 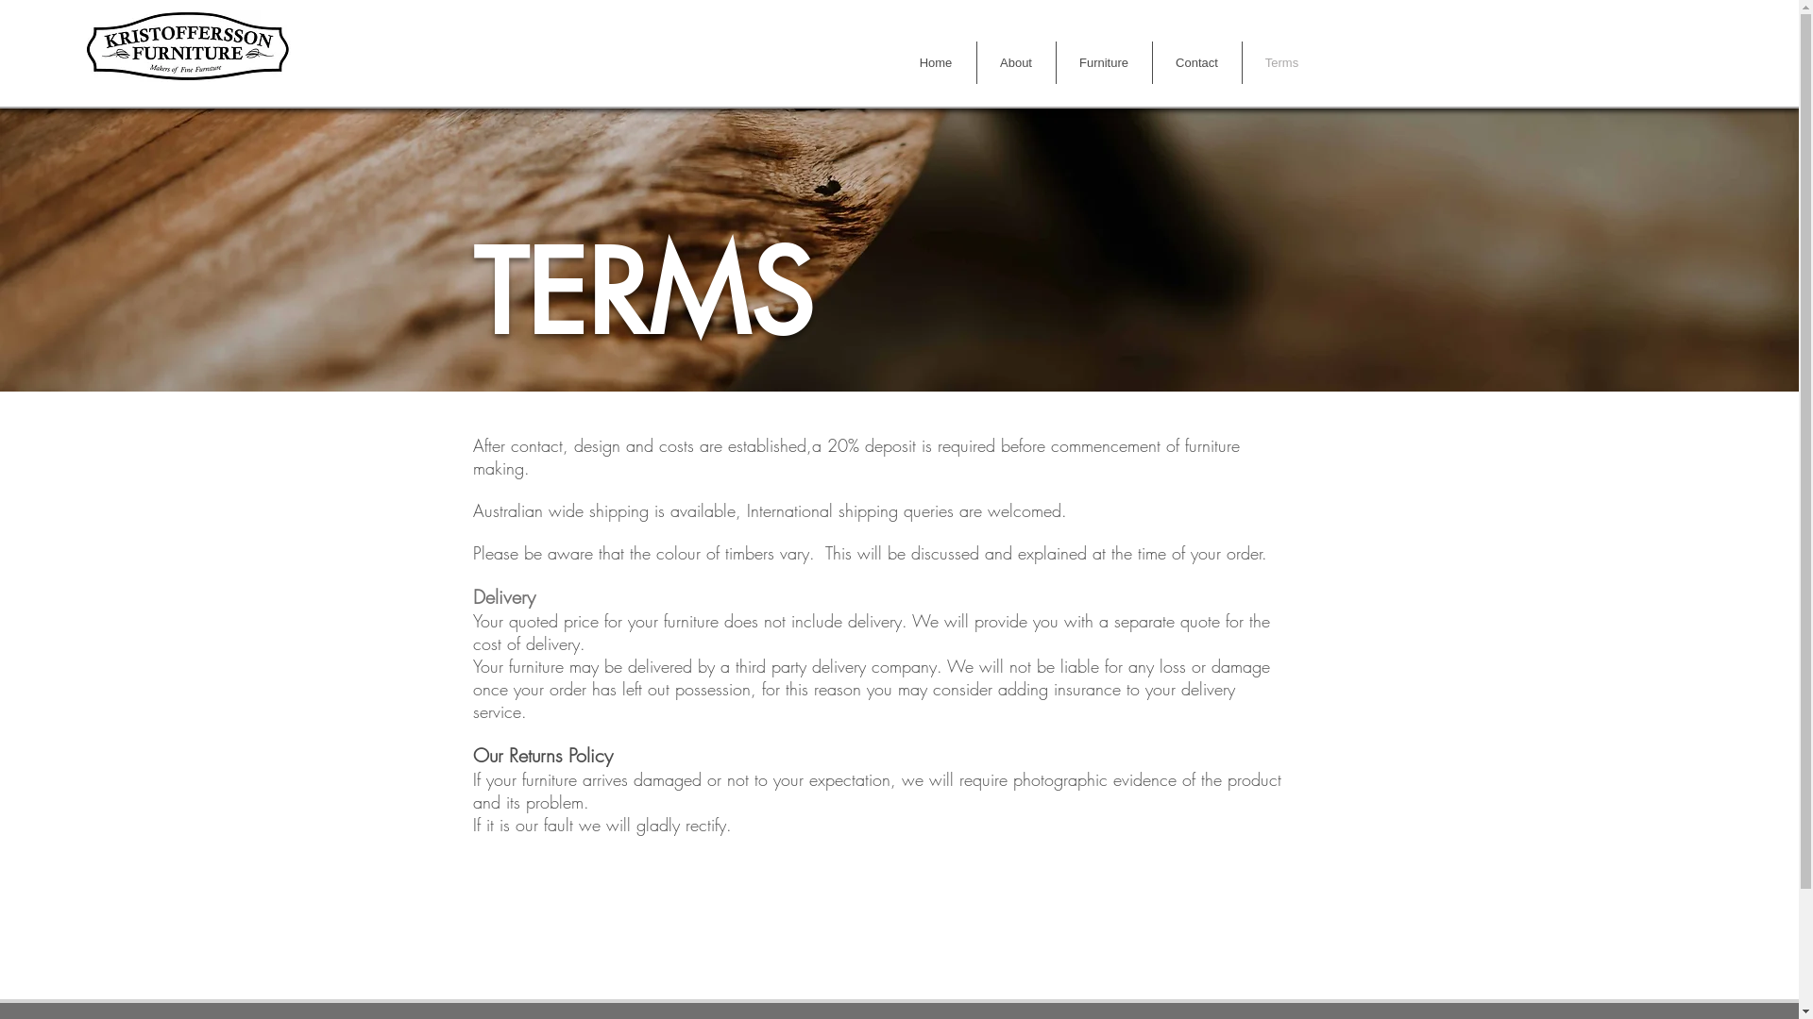 I want to click on 'Home', so click(x=935, y=61).